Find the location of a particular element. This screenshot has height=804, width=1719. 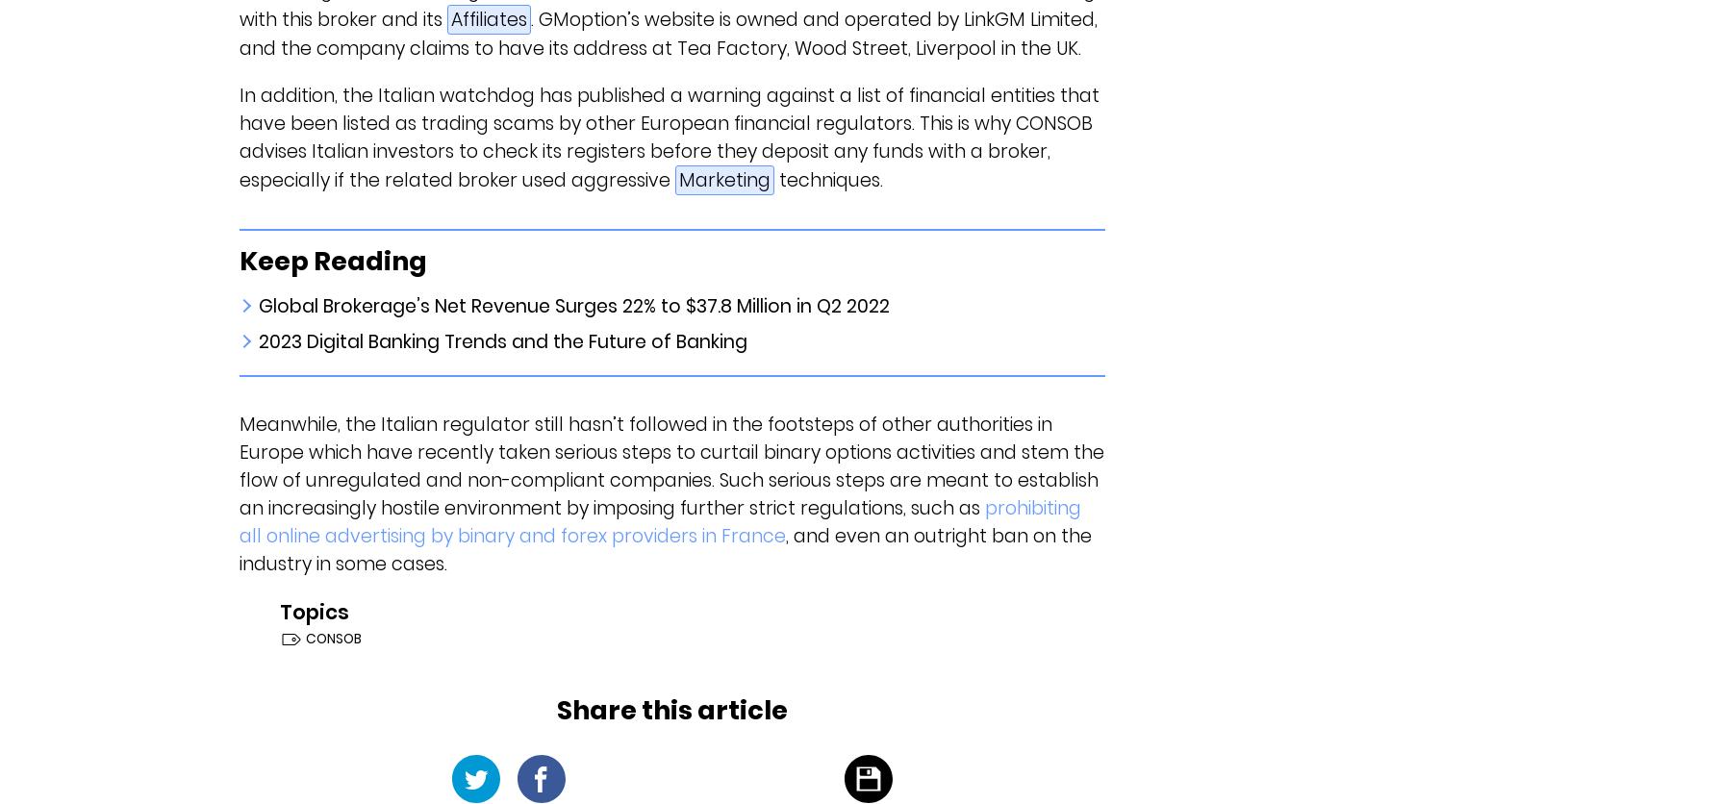

'Marketing' is located at coordinates (723, 179).